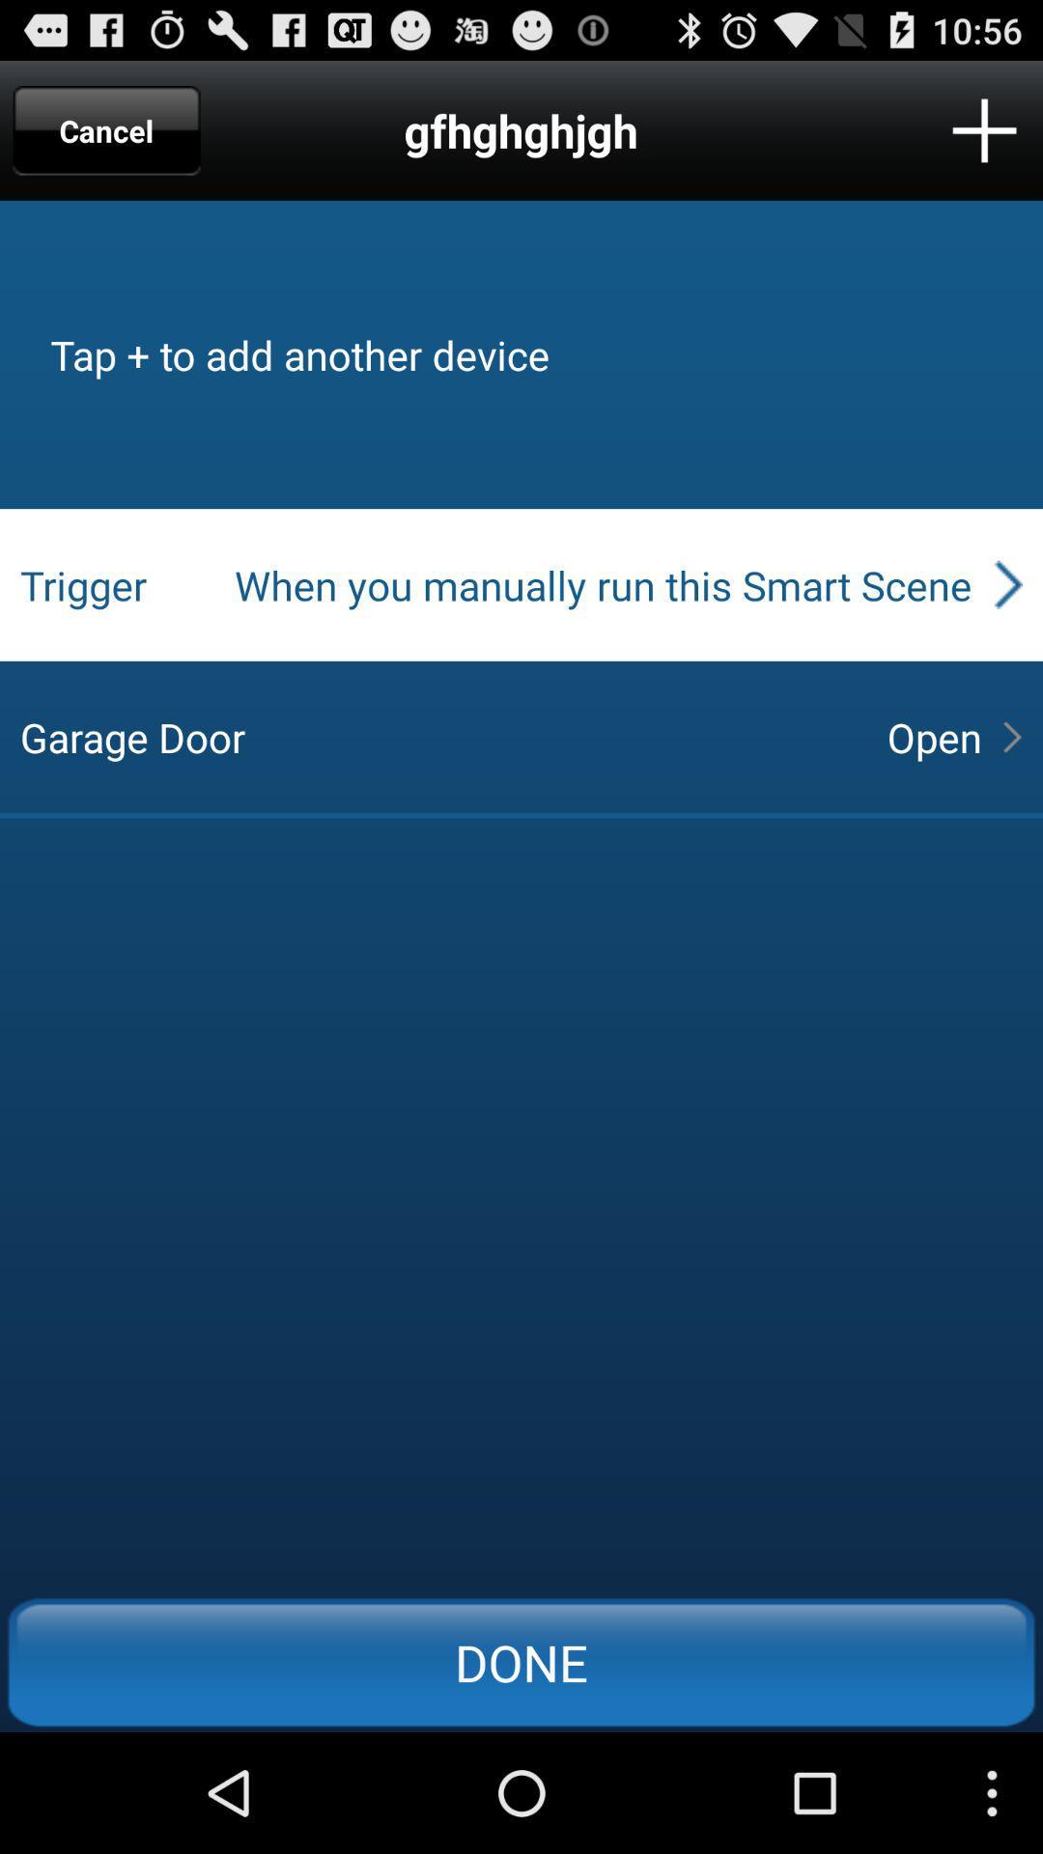  What do you see at coordinates (437, 736) in the screenshot?
I see `app next to open icon` at bounding box center [437, 736].